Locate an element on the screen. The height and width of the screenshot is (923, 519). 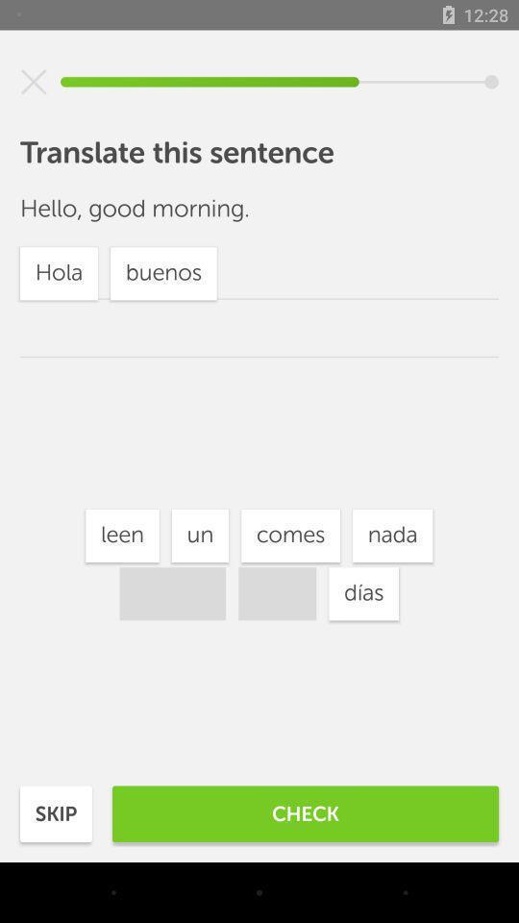
the item to the right of the leen is located at coordinates (199, 536).